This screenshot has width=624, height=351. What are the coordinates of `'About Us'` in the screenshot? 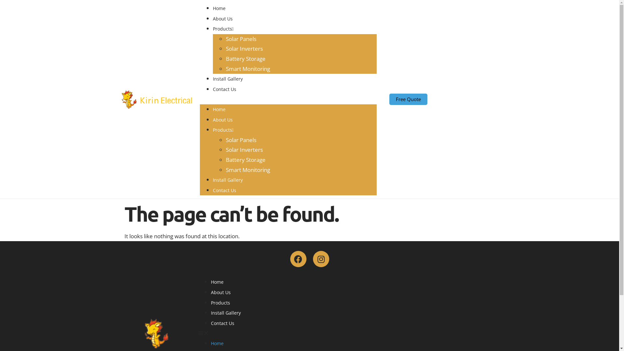 It's located at (222, 120).